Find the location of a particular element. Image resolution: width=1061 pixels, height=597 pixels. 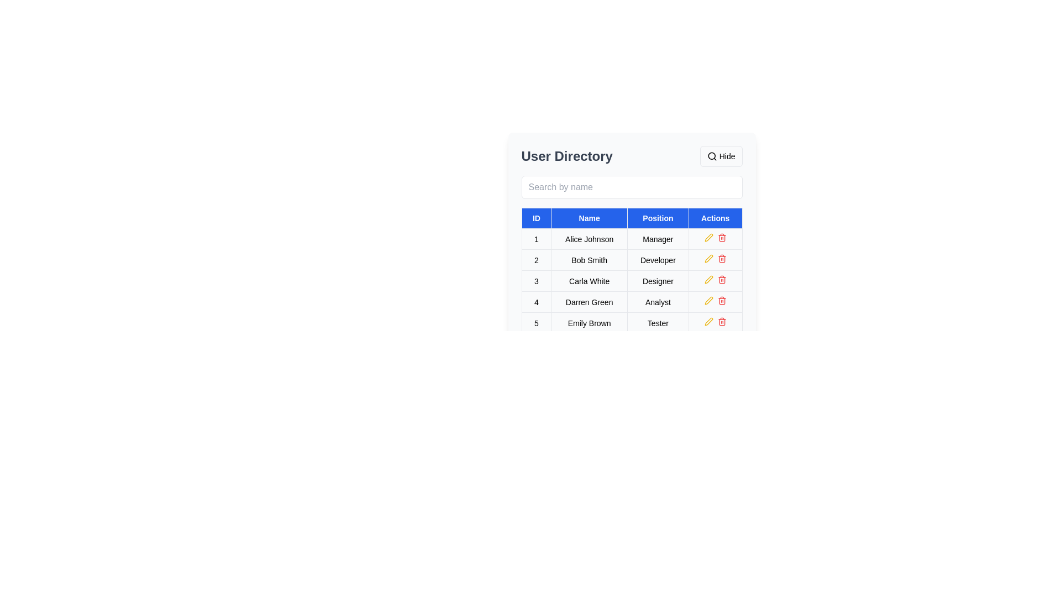

the text label displaying 'Designer' for the user 'Carla White' in the Position column of the user directory table is located at coordinates (658, 280).